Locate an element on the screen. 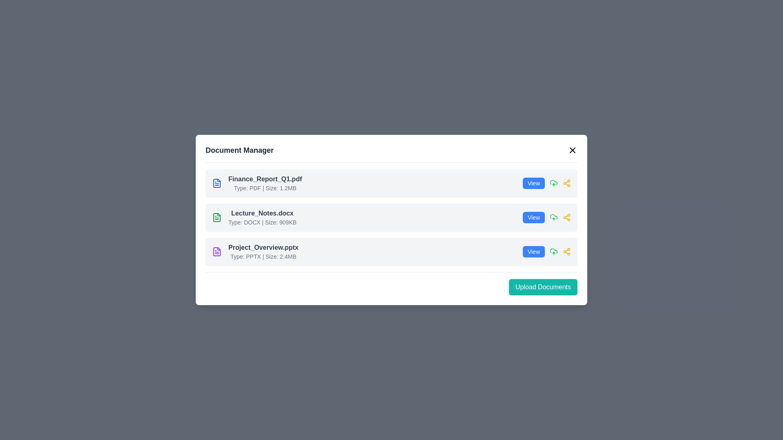 The image size is (783, 440). the green cloud upload icon located in the second row of the document list, positioned just to the right of the 'View' button and before the 'Share' icon, to initiate an upload action is located at coordinates (554, 217).